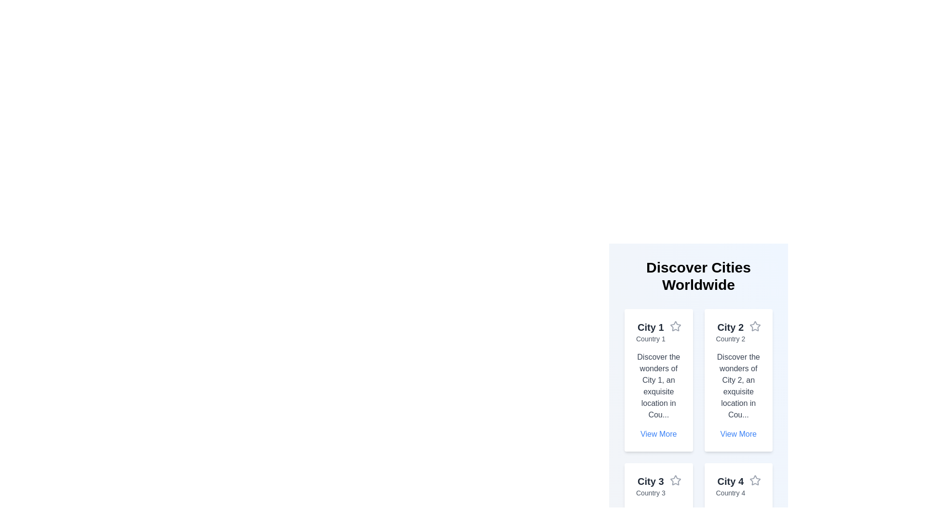 The height and width of the screenshot is (520, 926). I want to click on the 'View More' link icon on the second card promoting 'City 2', which is located in a grid layout, so click(738, 380).